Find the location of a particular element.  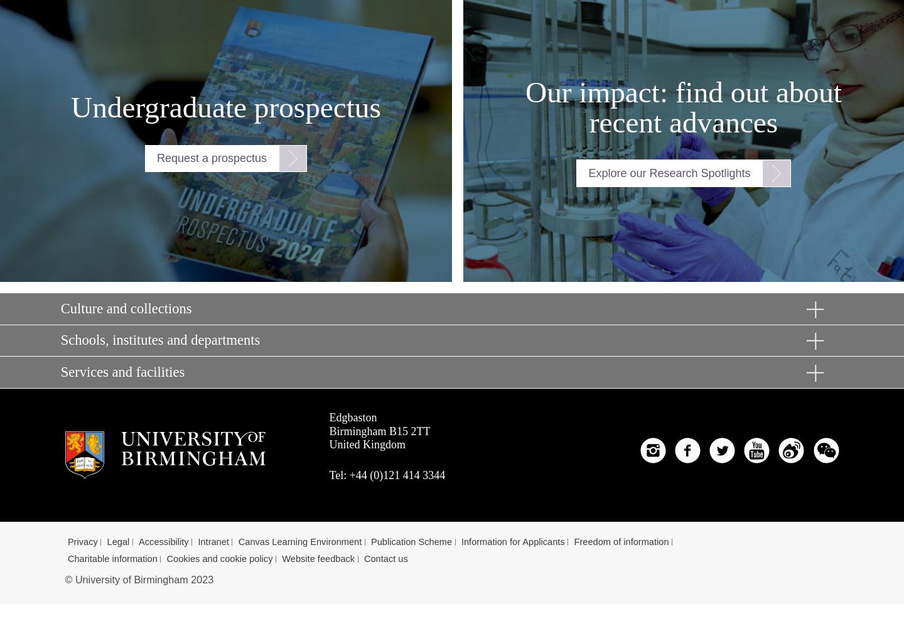

'Contact us' is located at coordinates (385, 558).